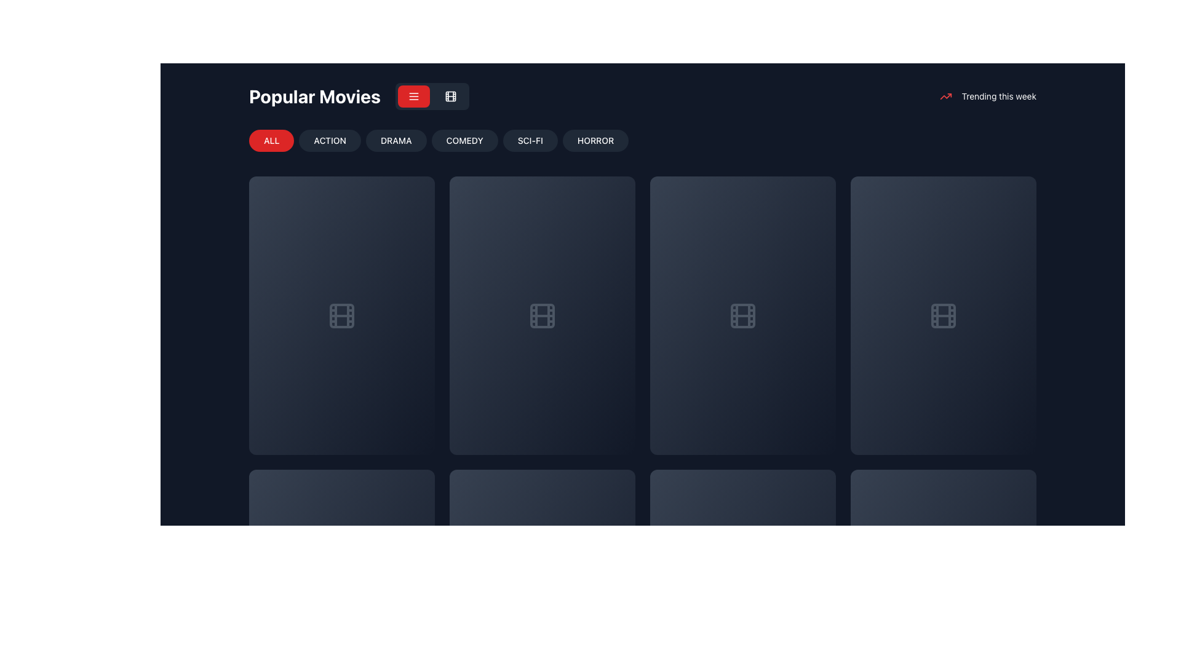  I want to click on the 'ACTION' button, which has a rounded rectangular shape, dark gray background, and white text, located below the title 'Popular Movies' to filter items by action category, so click(330, 140).